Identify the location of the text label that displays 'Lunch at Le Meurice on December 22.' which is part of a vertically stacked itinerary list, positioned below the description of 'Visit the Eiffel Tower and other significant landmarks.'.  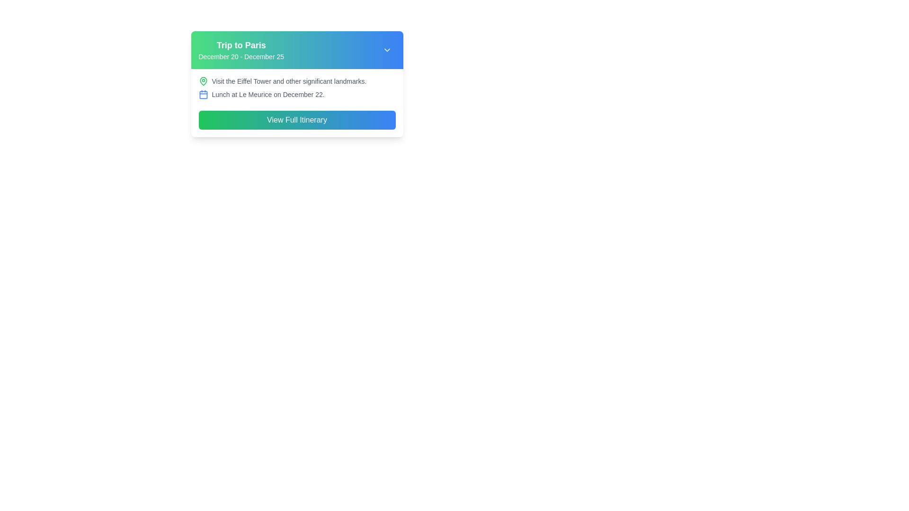
(296, 95).